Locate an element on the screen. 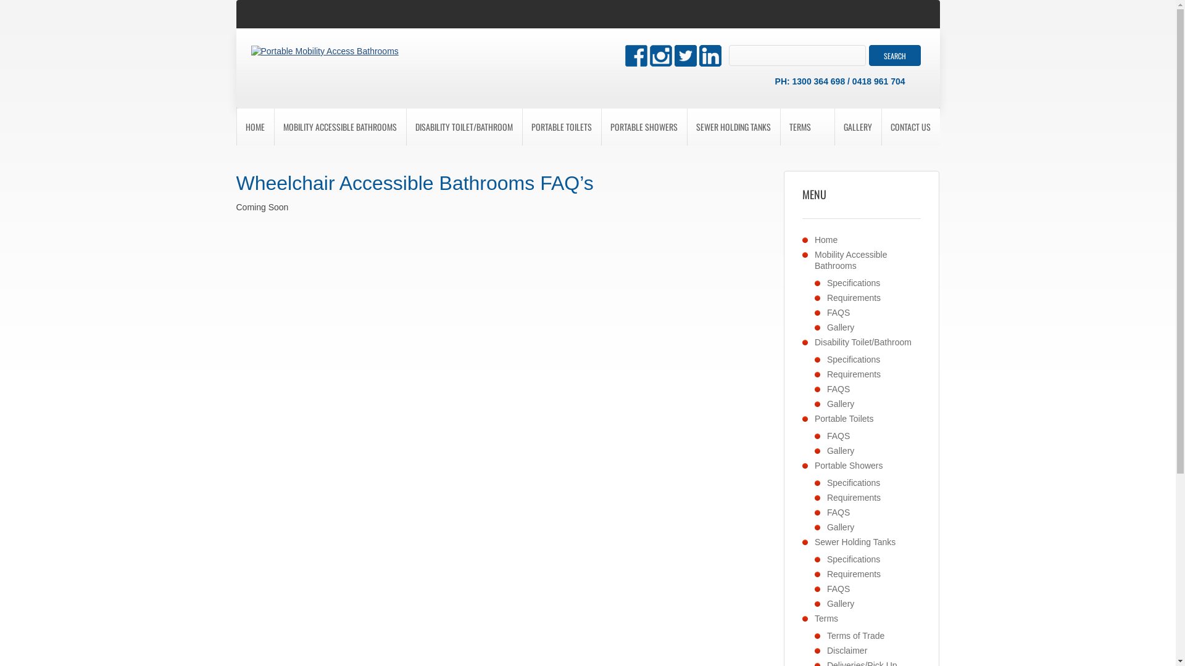  'HOME' is located at coordinates (254, 126).